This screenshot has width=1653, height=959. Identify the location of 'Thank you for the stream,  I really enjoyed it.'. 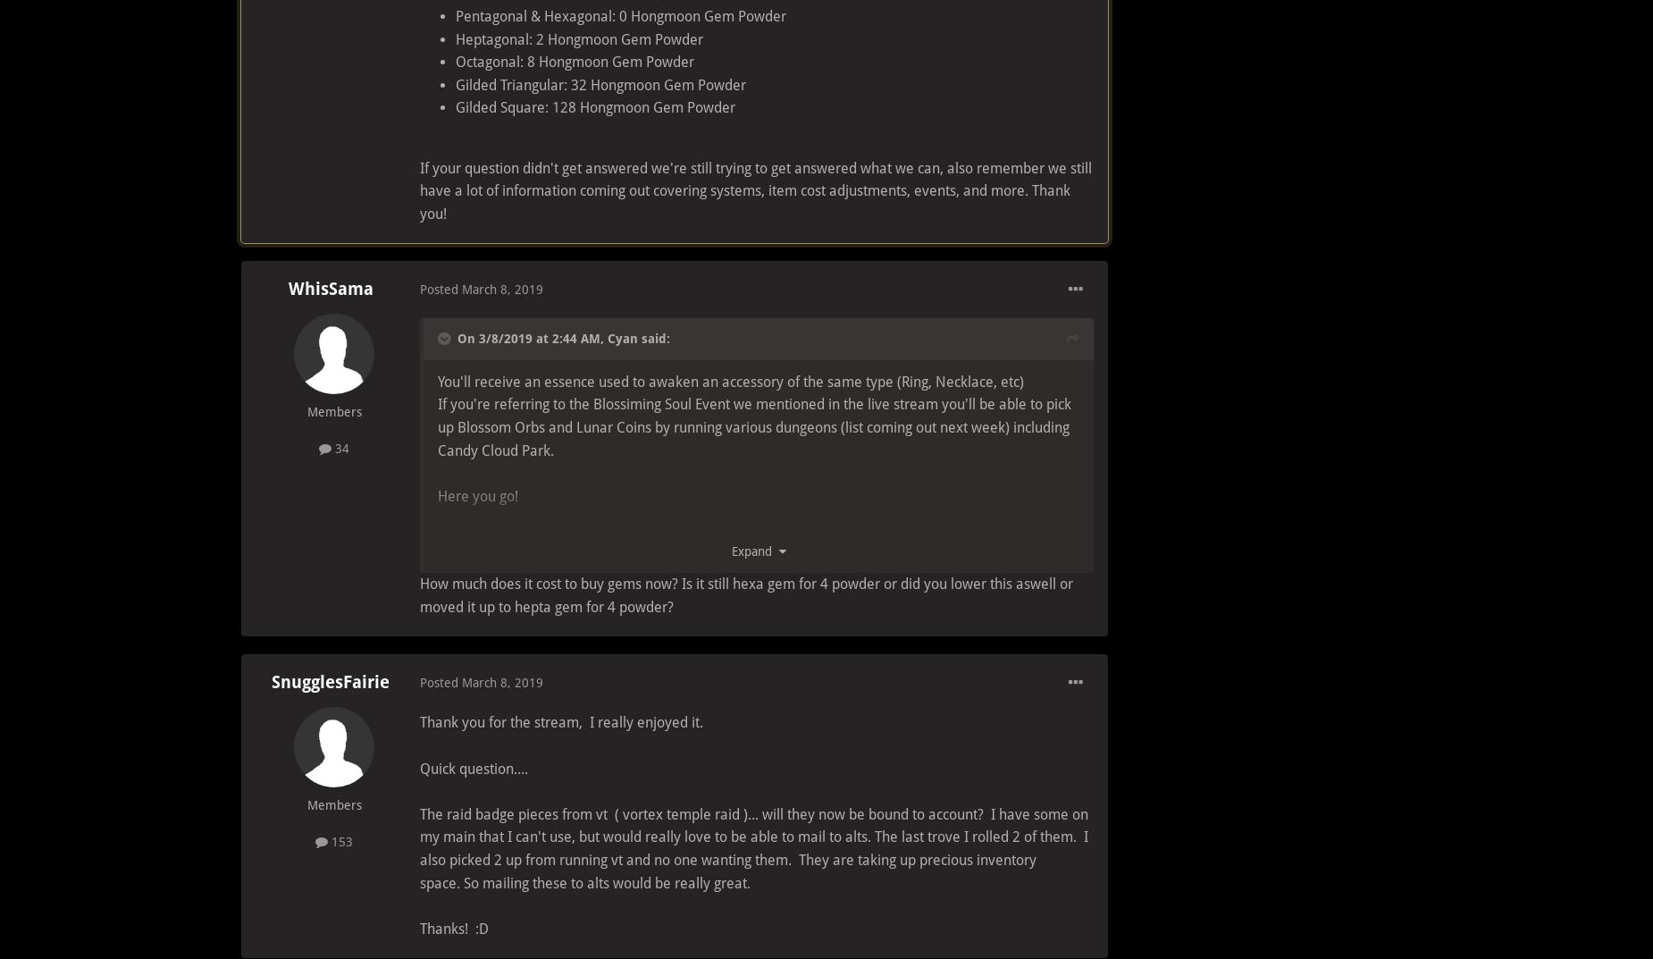
(420, 722).